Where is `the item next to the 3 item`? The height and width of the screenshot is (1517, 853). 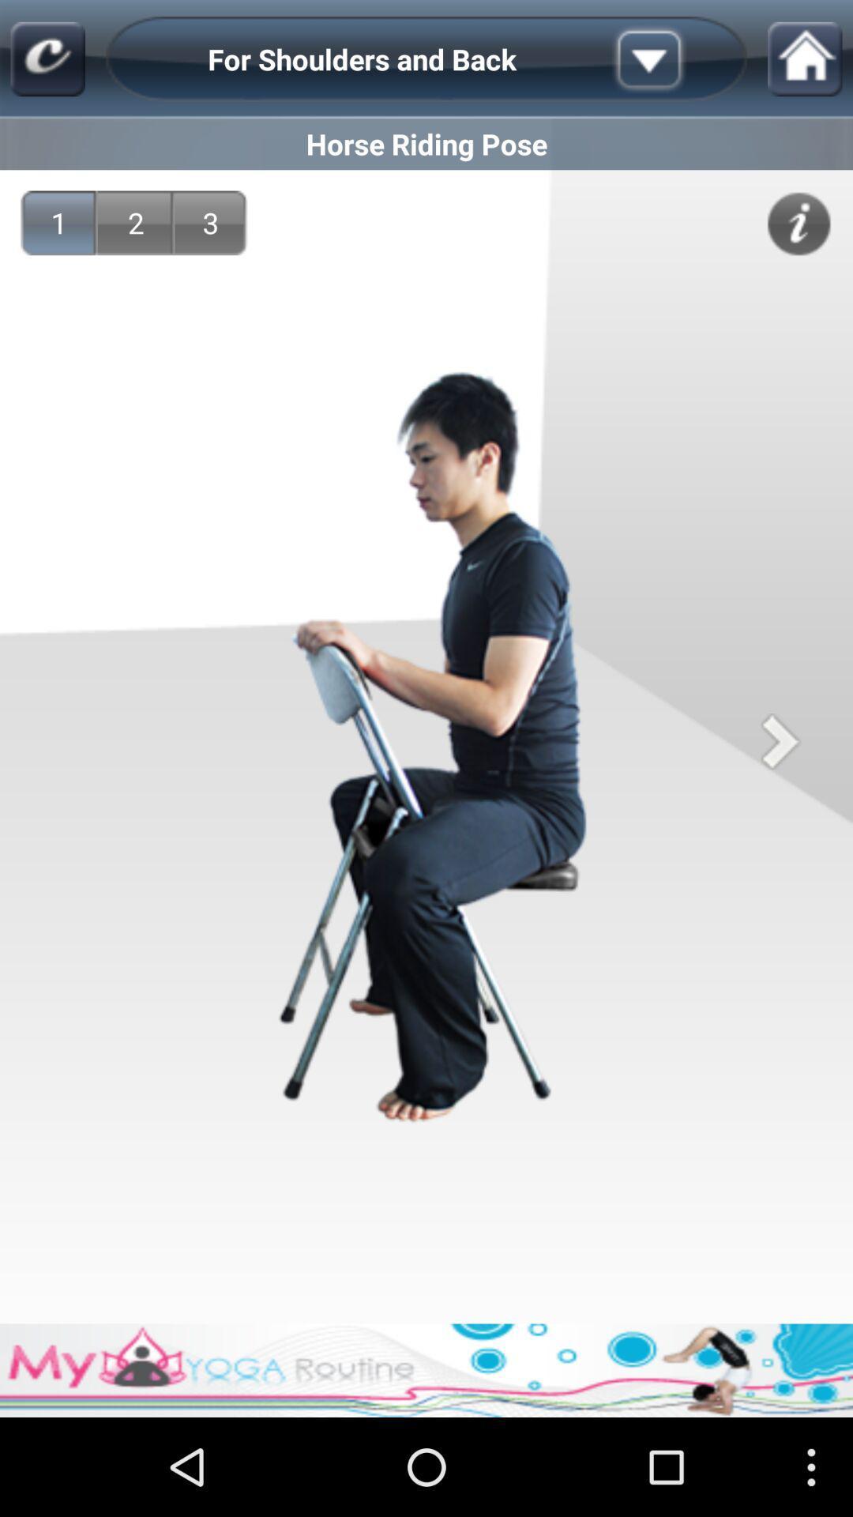 the item next to the 3 item is located at coordinates (135, 222).